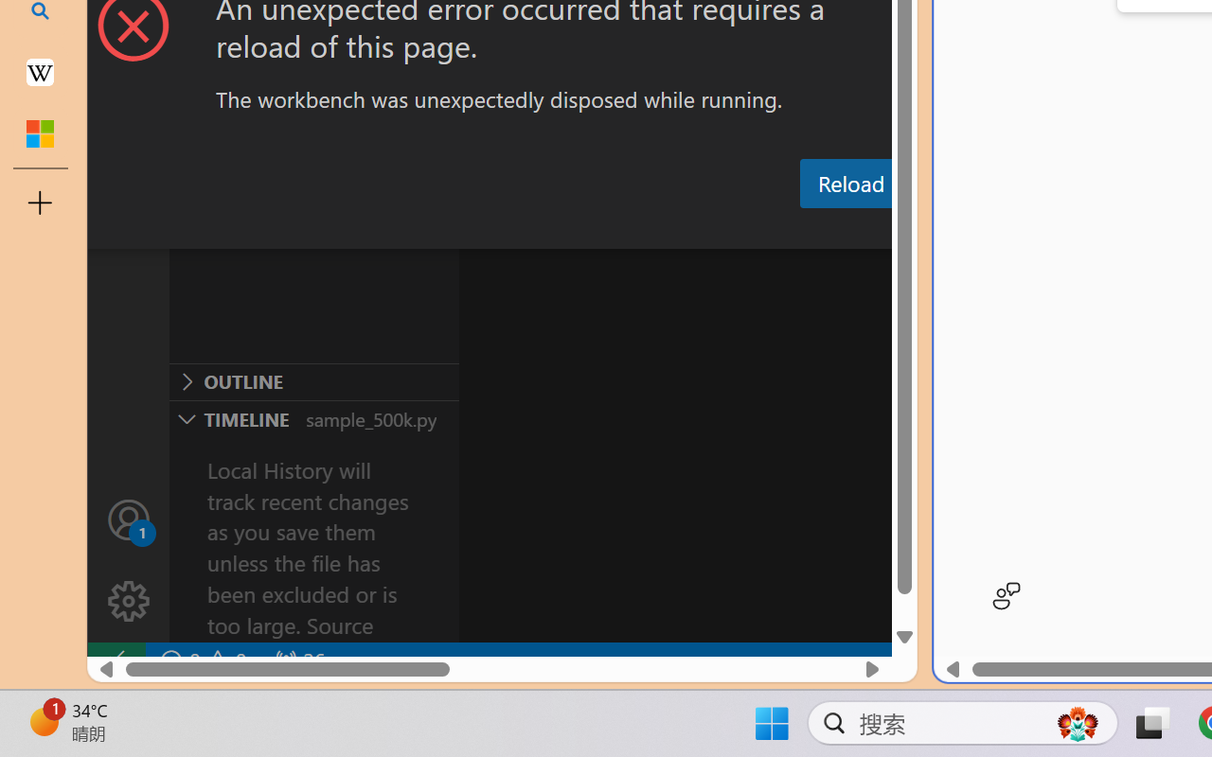 This screenshot has width=1212, height=757. What do you see at coordinates (127, 600) in the screenshot?
I see `'Manage'` at bounding box center [127, 600].